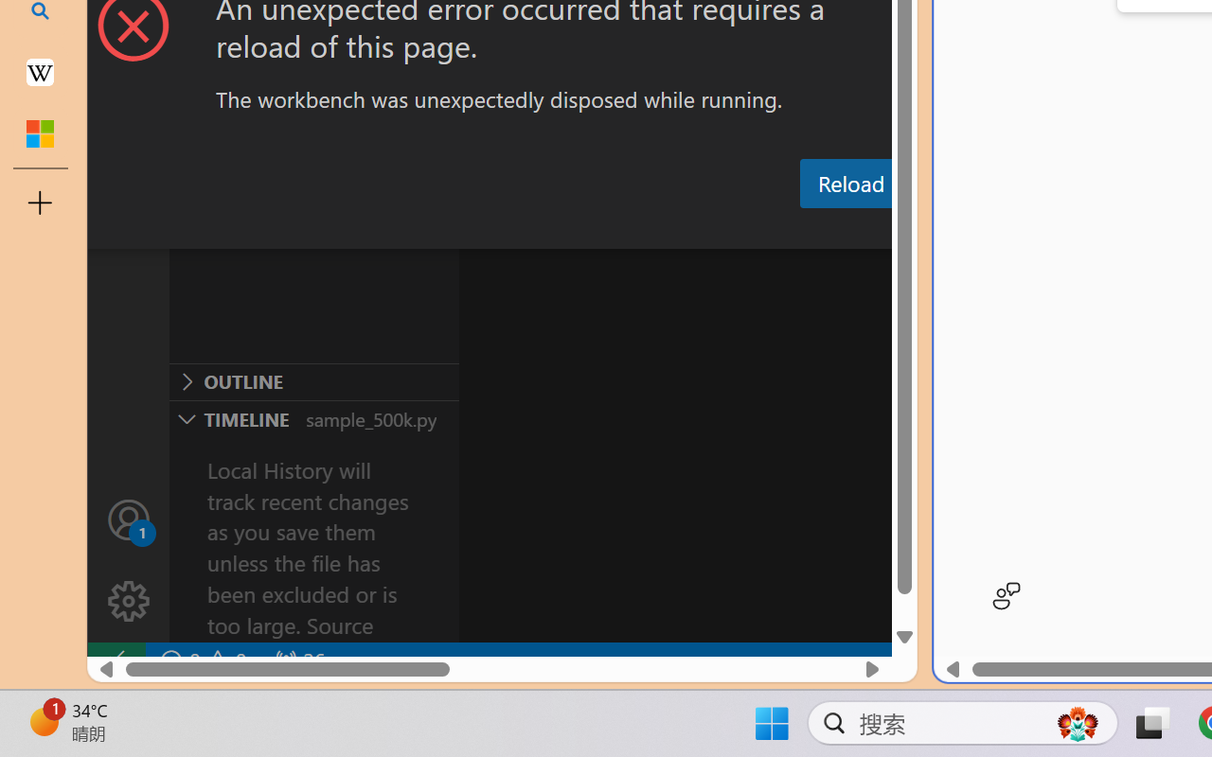 This screenshot has width=1212, height=757. What do you see at coordinates (127, 600) in the screenshot?
I see `'Manage'` at bounding box center [127, 600].